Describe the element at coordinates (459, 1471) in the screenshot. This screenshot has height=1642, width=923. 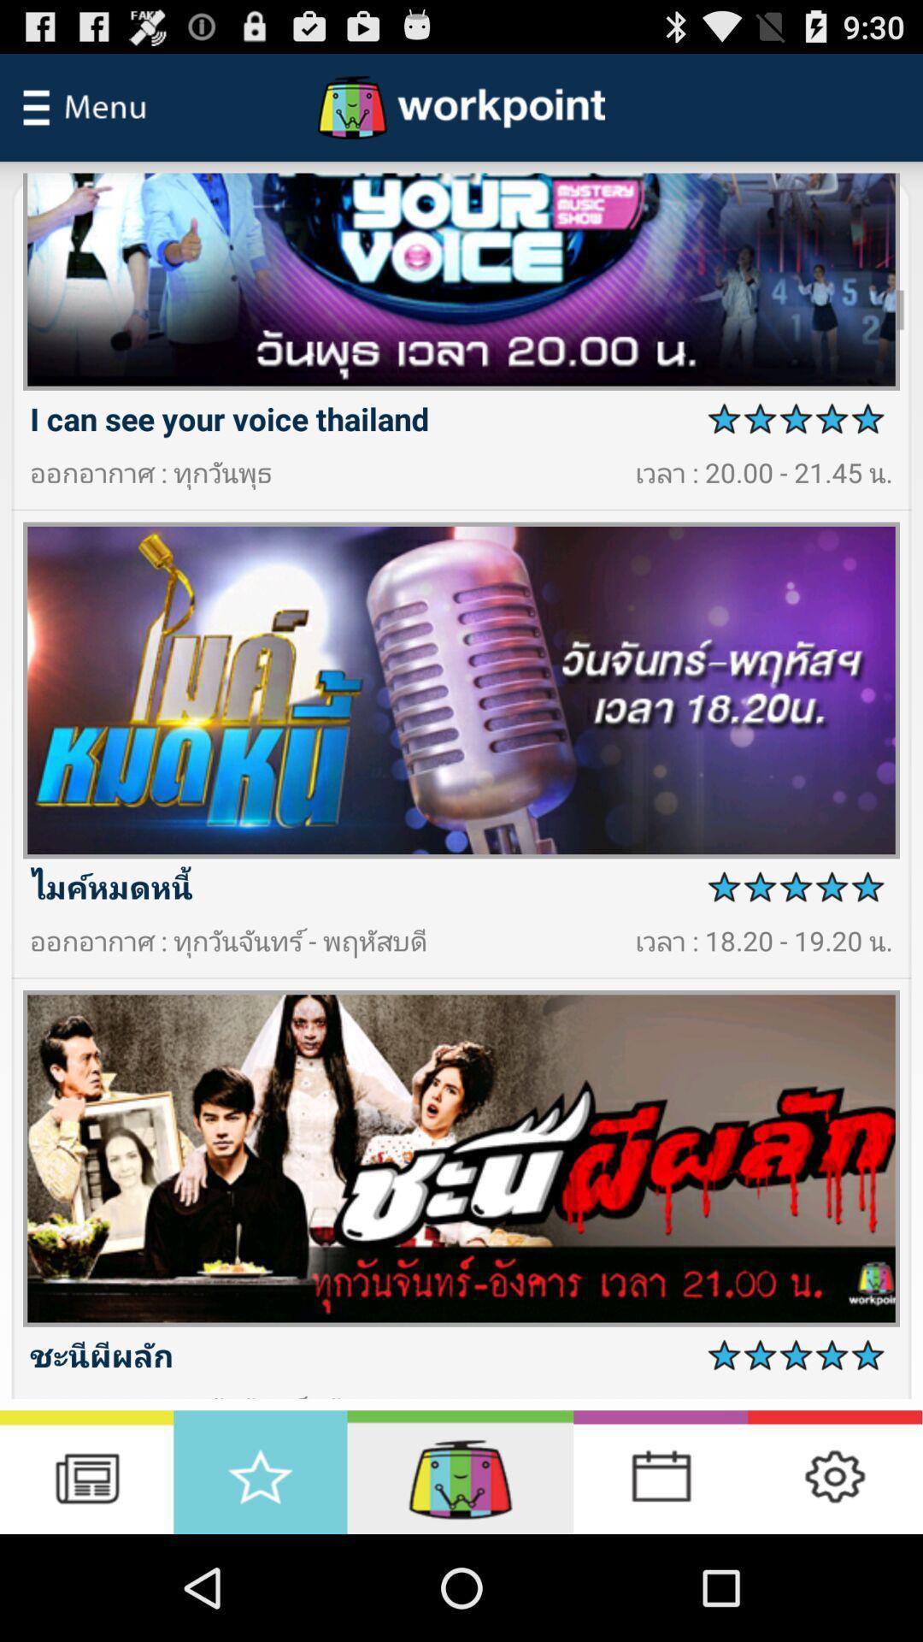
I see `open live stream menu` at that location.